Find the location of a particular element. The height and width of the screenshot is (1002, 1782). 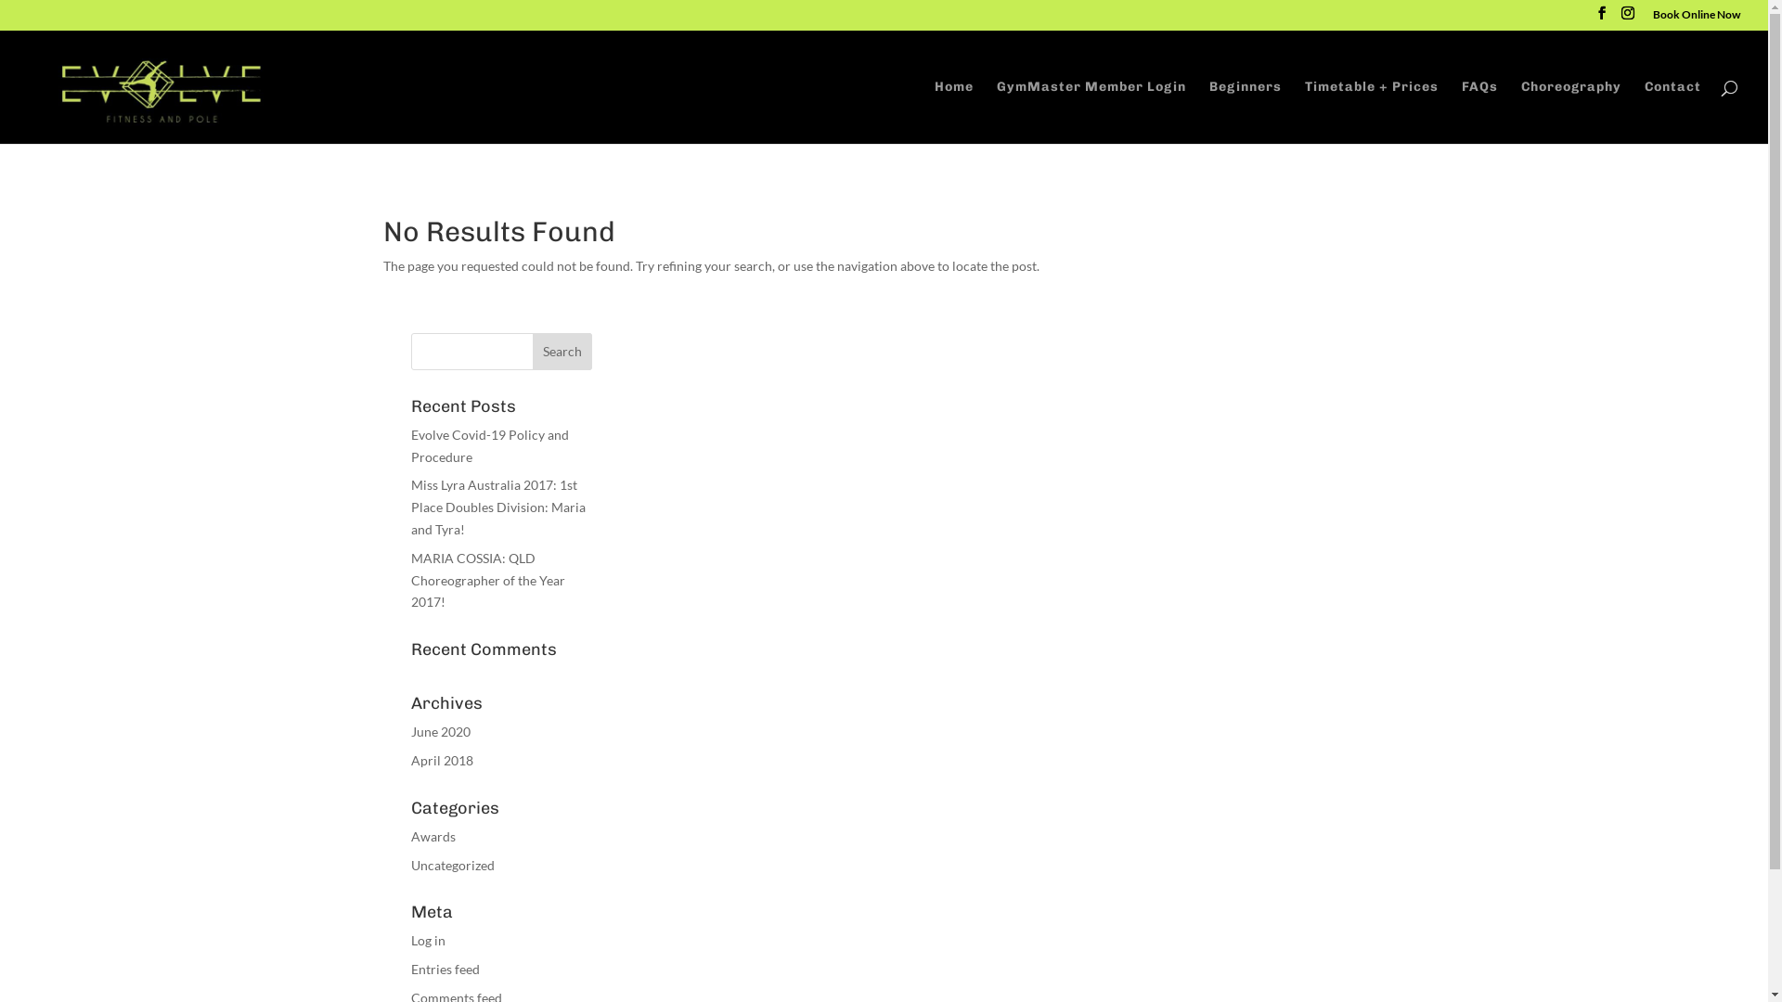

'MARIA COSSIA: QLD Choreographer of the Year 2017!' is located at coordinates (486, 579).